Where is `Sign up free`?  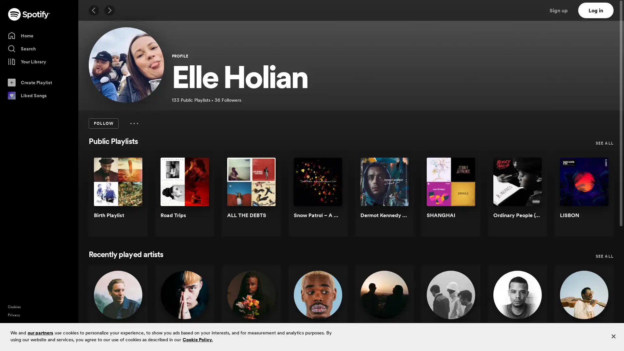
Sign up free is located at coordinates (591, 341).